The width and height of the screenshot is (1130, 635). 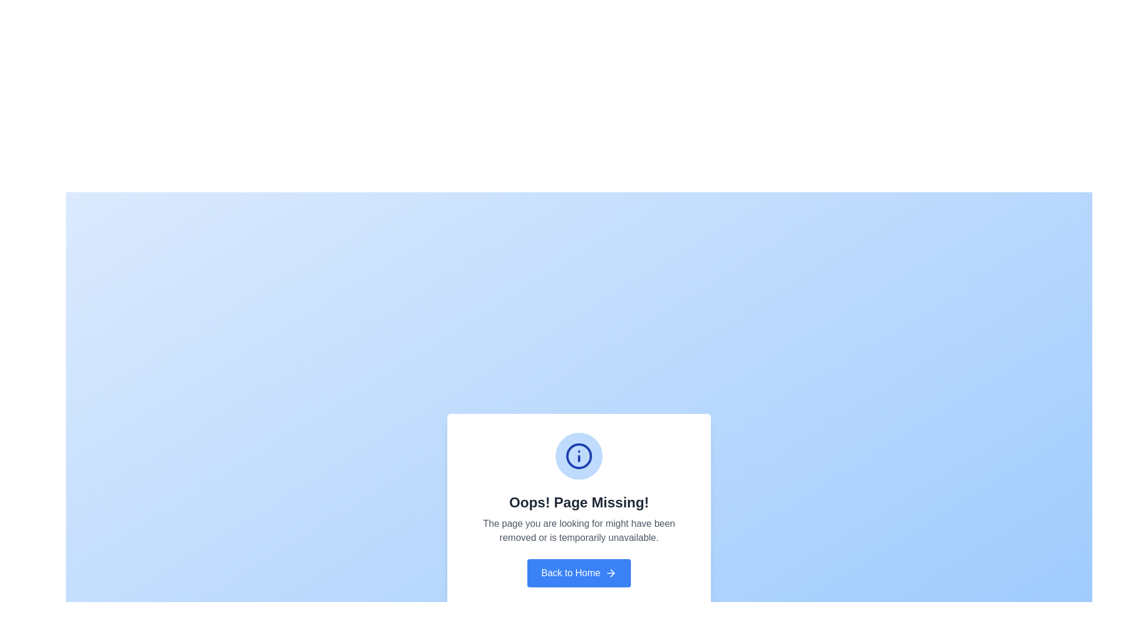 I want to click on the arrow icon located to the right of the 'Back to Home' button at the bottom center of the modal, so click(x=612, y=572).